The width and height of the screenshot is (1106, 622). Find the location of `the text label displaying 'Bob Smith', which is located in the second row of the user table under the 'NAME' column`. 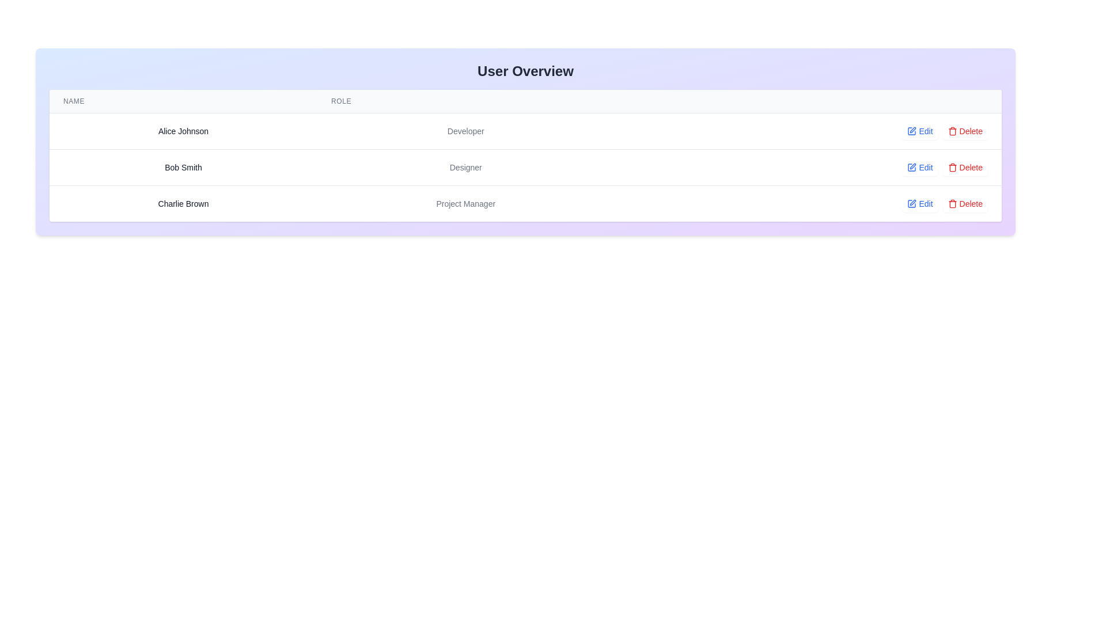

the text label displaying 'Bob Smith', which is located in the second row of the user table under the 'NAME' column is located at coordinates (183, 167).